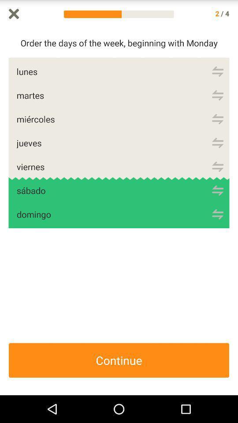 The width and height of the screenshot is (238, 423). I want to click on the swap icon, so click(217, 102).